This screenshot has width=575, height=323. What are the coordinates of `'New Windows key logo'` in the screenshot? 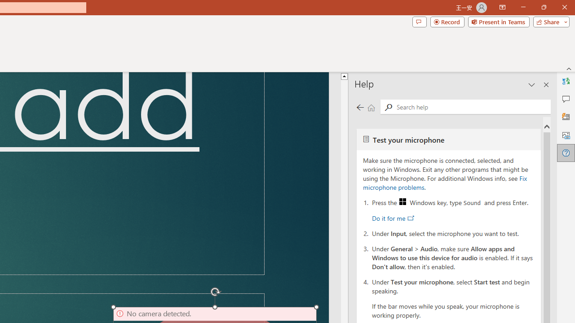 It's located at (402, 201).